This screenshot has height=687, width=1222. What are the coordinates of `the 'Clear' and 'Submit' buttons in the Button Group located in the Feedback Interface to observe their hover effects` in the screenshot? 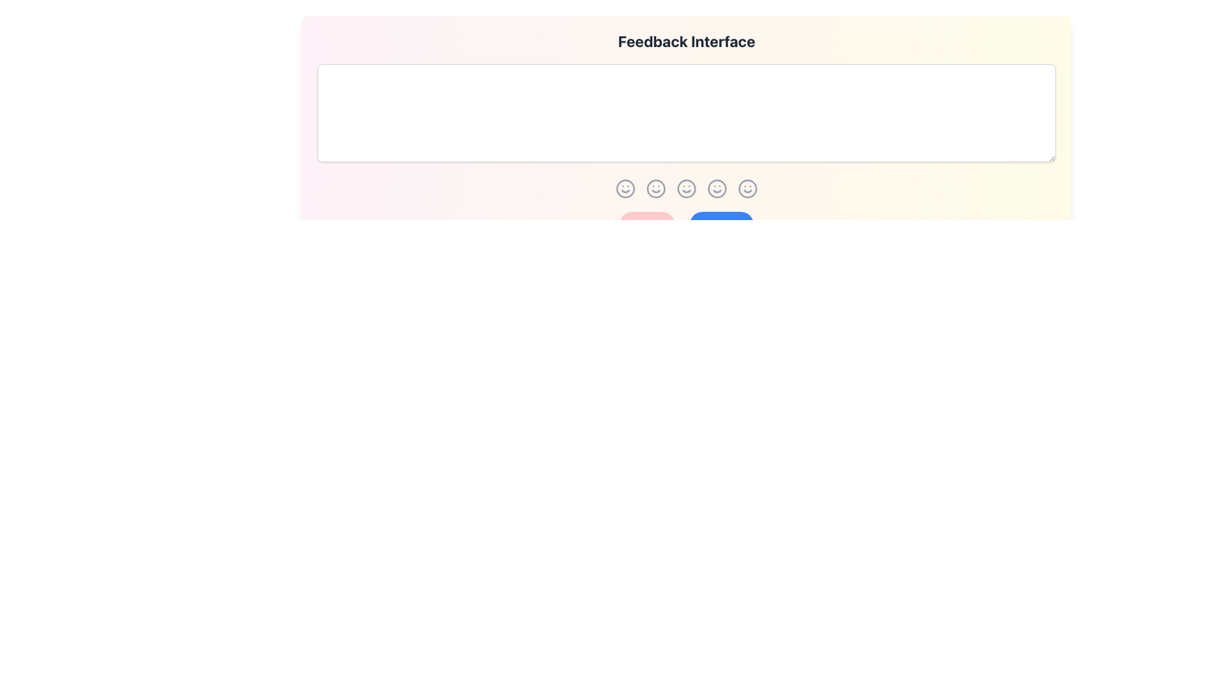 It's located at (686, 224).